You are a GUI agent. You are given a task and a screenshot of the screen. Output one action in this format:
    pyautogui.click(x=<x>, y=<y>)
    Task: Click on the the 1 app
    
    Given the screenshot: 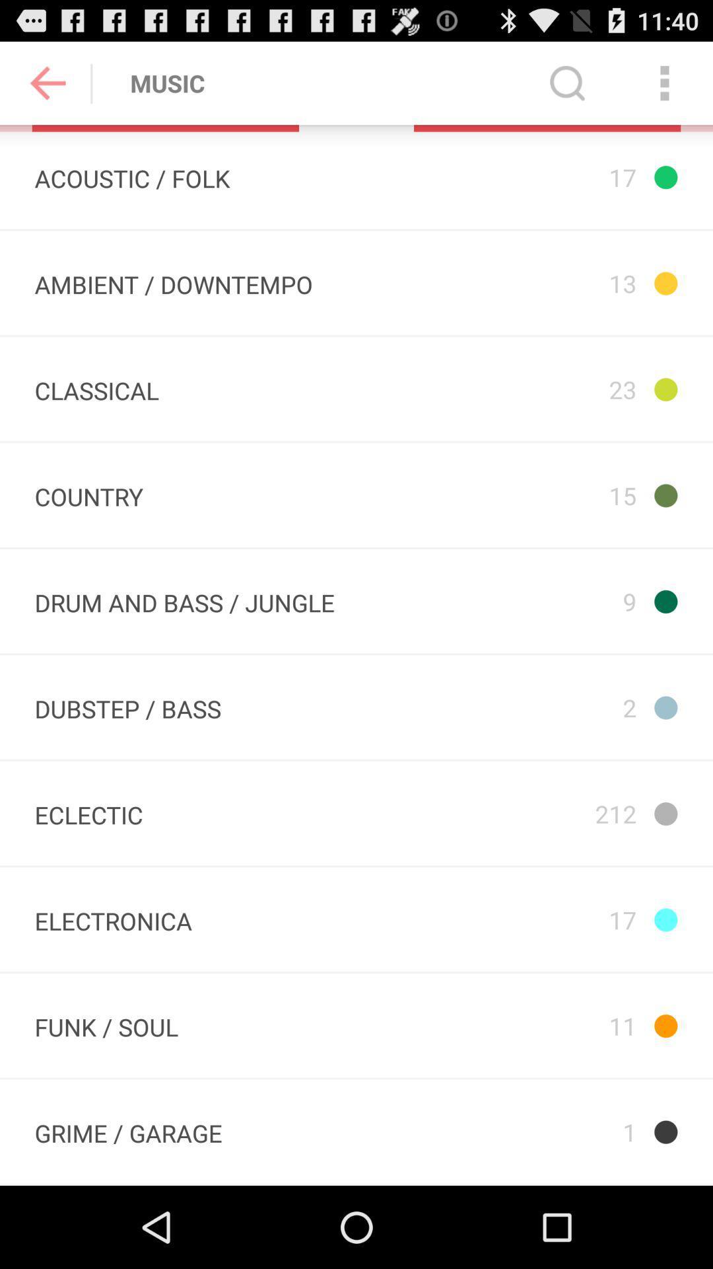 What is the action you would take?
    pyautogui.click(x=547, y=1131)
    